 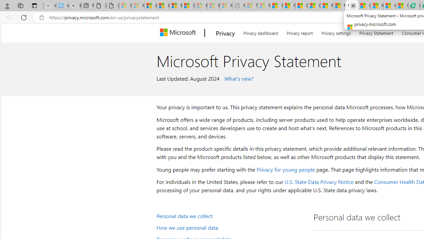 What do you see at coordinates (414, 6) in the screenshot?
I see `'LendingTree - Compare Lenders'` at bounding box center [414, 6].